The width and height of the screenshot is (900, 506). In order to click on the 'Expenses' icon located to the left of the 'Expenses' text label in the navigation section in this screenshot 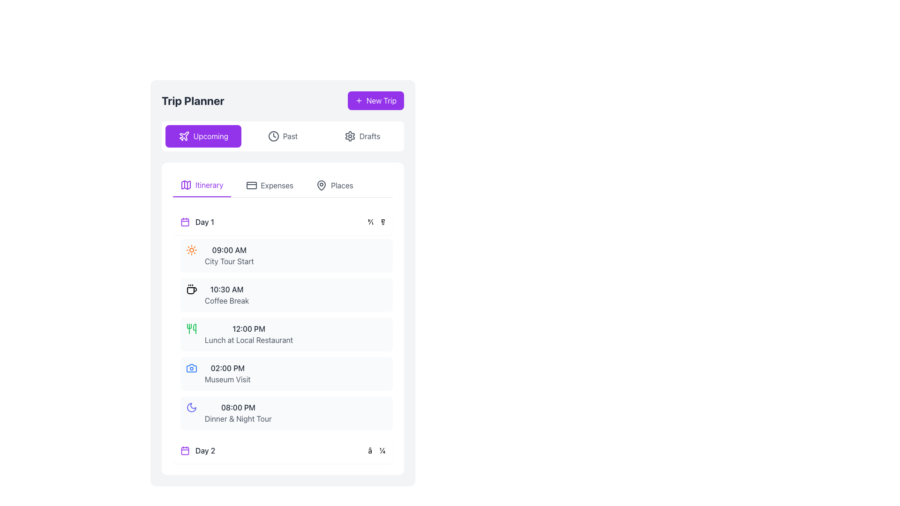, I will do `click(251, 186)`.